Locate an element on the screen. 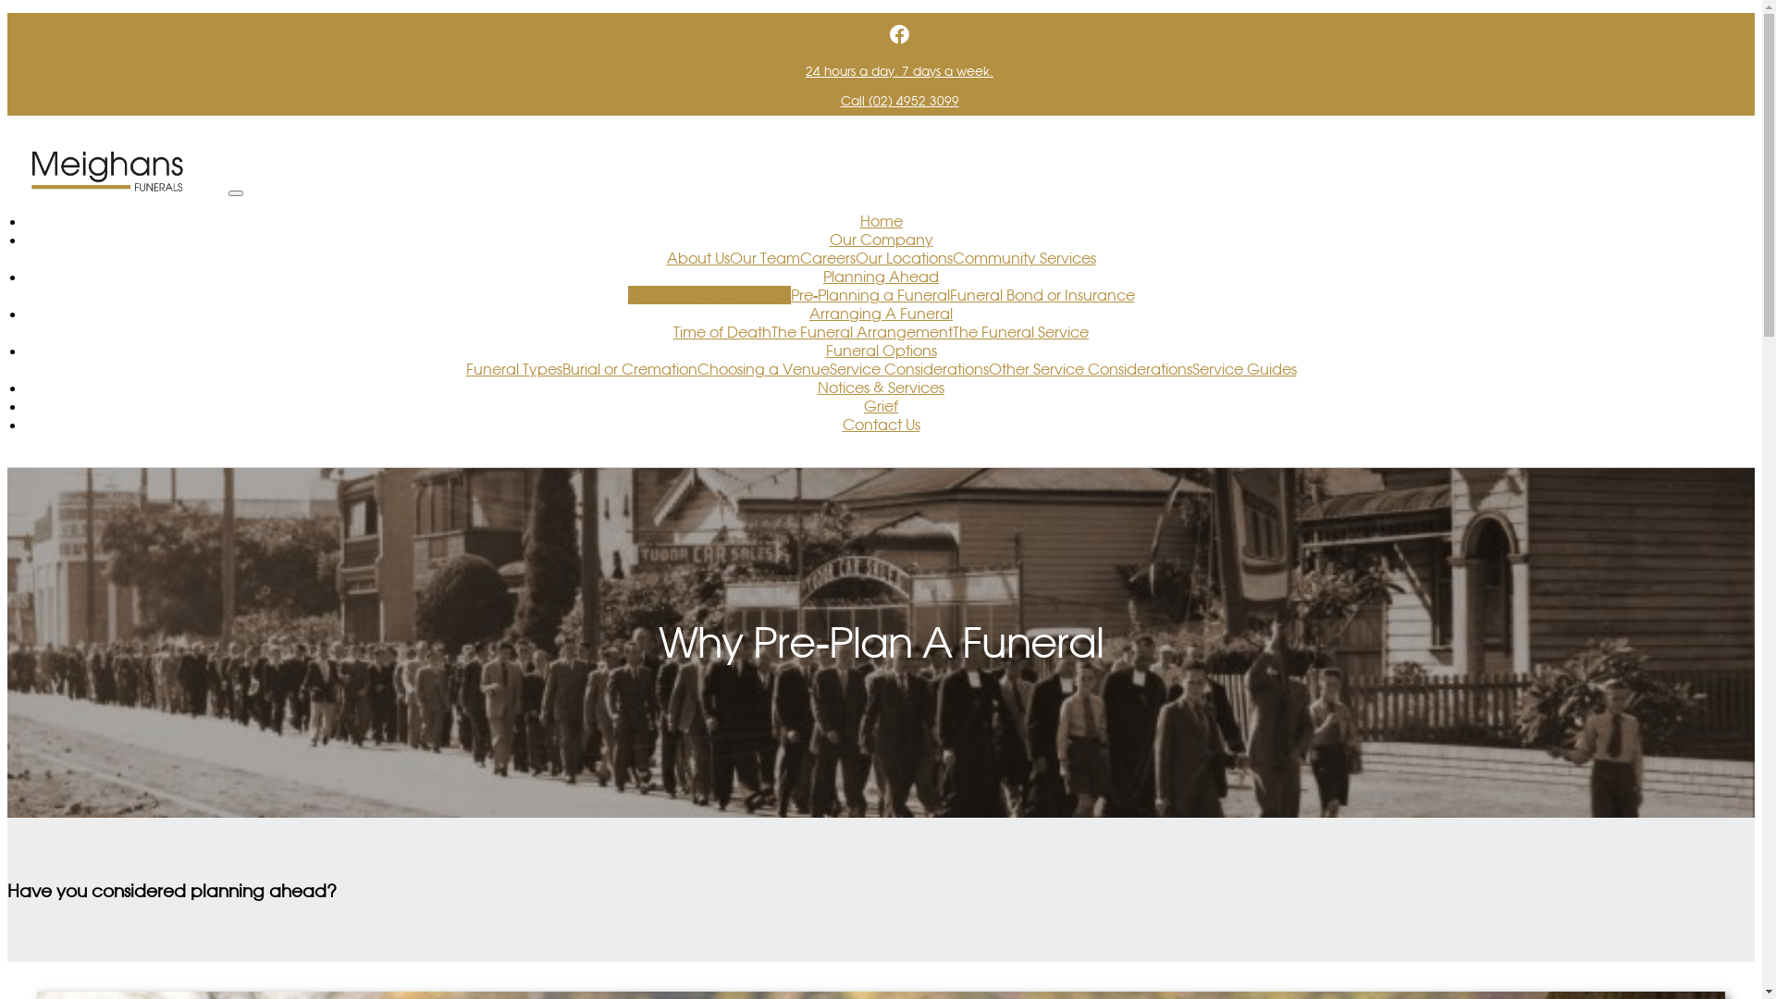 This screenshot has width=1776, height=999. 'Pre-Planning a Funeral' is located at coordinates (869, 294).